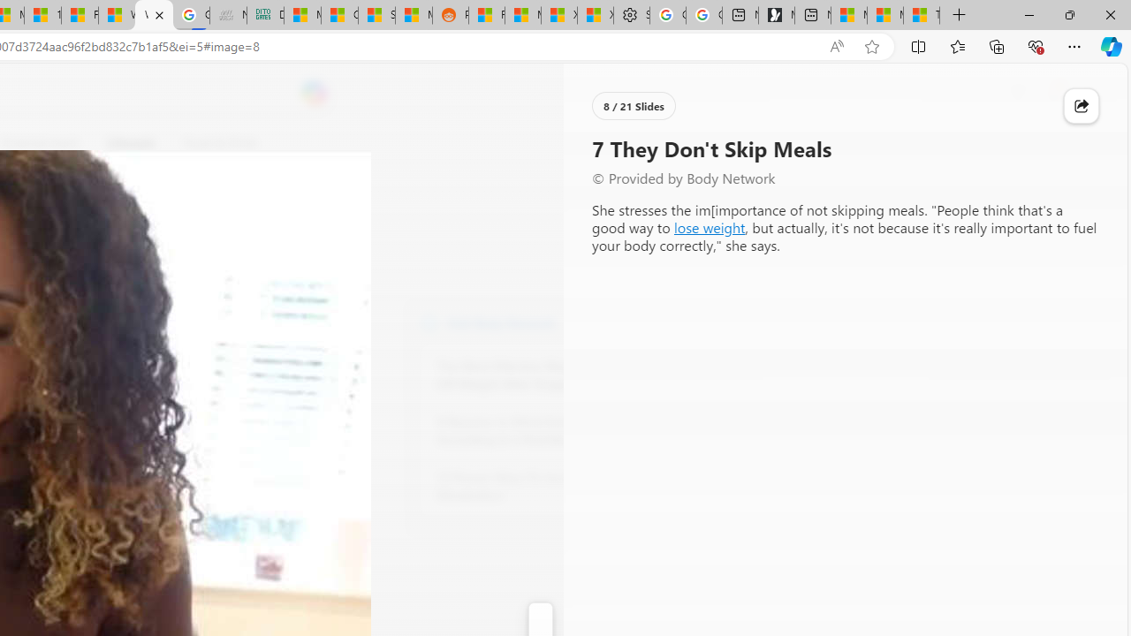 The height and width of the screenshot is (636, 1131). What do you see at coordinates (315, 93) in the screenshot?
I see `'Open Copilot'` at bounding box center [315, 93].